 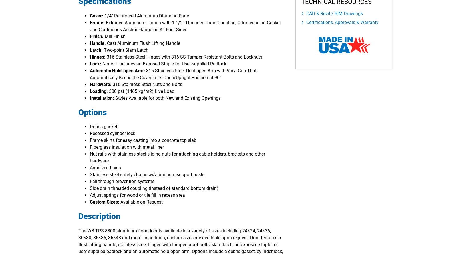 I want to click on 'None – Includes an Exposed Staple for User-supplied Padlock', so click(x=164, y=63).